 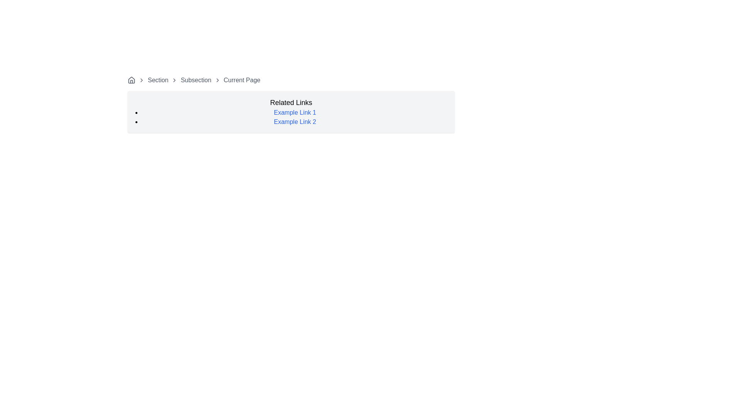 I want to click on the second hyperlink in the unordered list under the 'Related Links' section, so click(x=294, y=122).